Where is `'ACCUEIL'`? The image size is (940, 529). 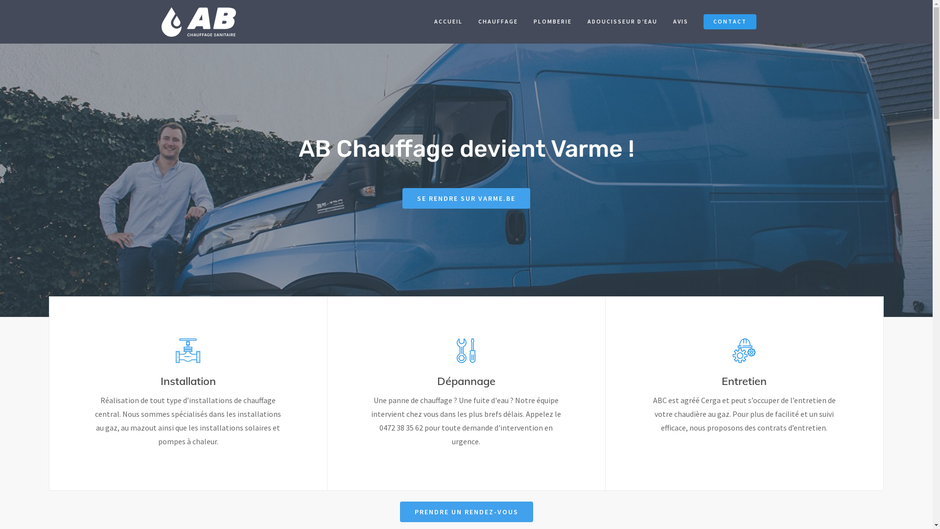
'ACCUEIL' is located at coordinates (448, 24).